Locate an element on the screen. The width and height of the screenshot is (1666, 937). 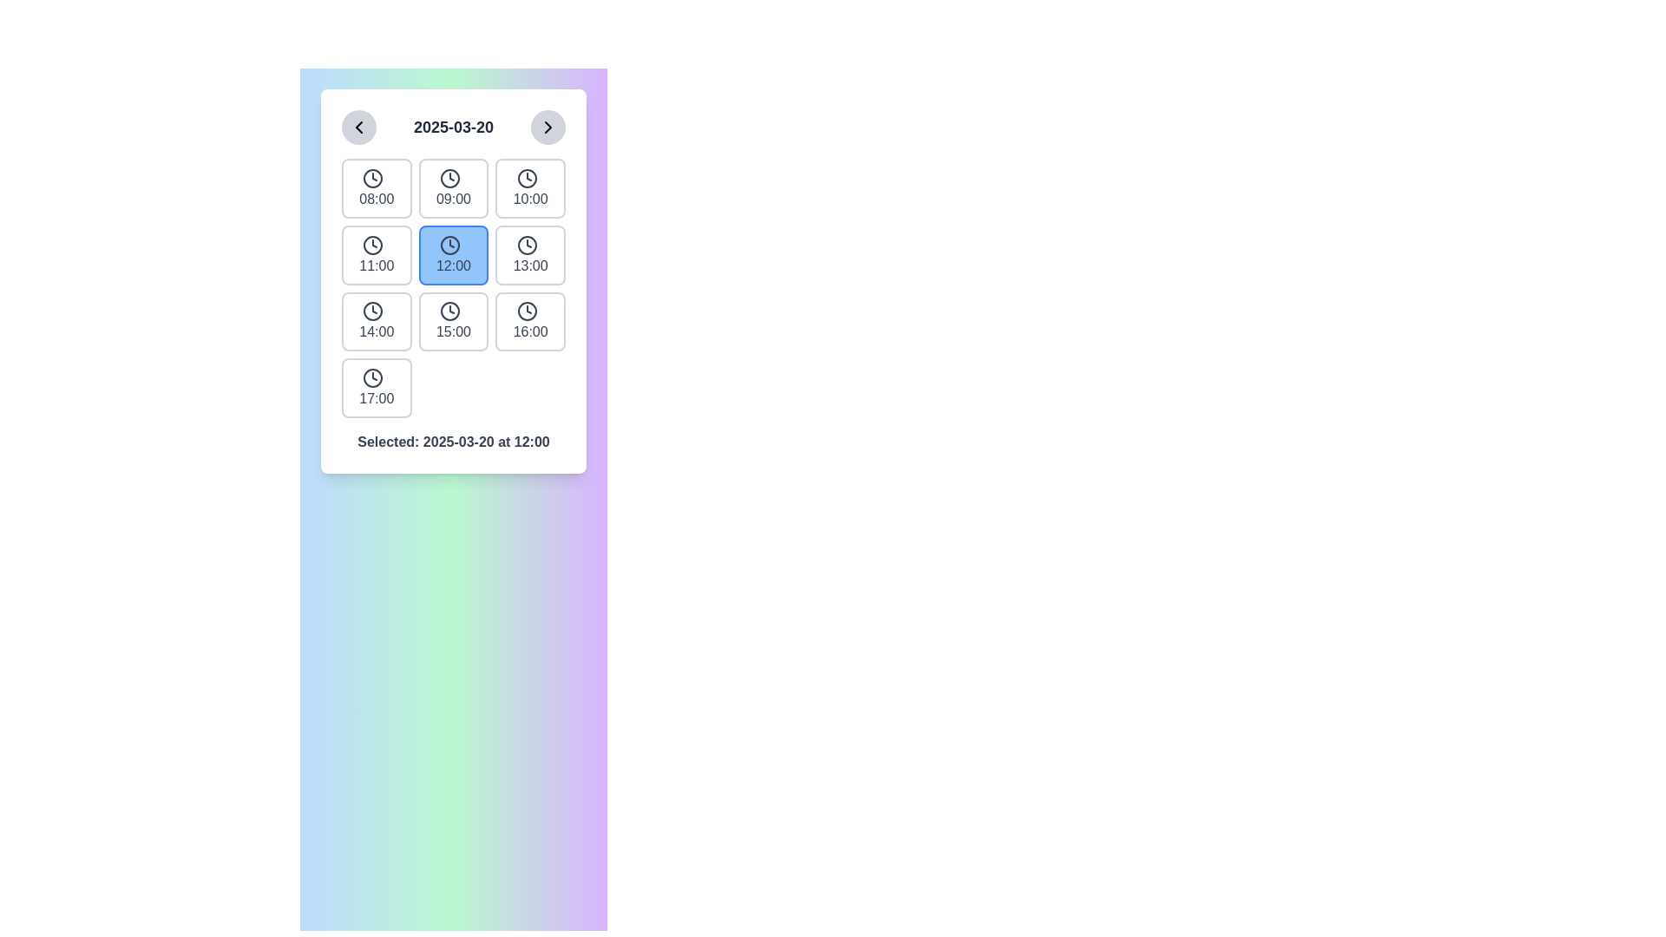
the small rightward-pointing chevron icon in the top-right corner of the header is located at coordinates (548, 126).